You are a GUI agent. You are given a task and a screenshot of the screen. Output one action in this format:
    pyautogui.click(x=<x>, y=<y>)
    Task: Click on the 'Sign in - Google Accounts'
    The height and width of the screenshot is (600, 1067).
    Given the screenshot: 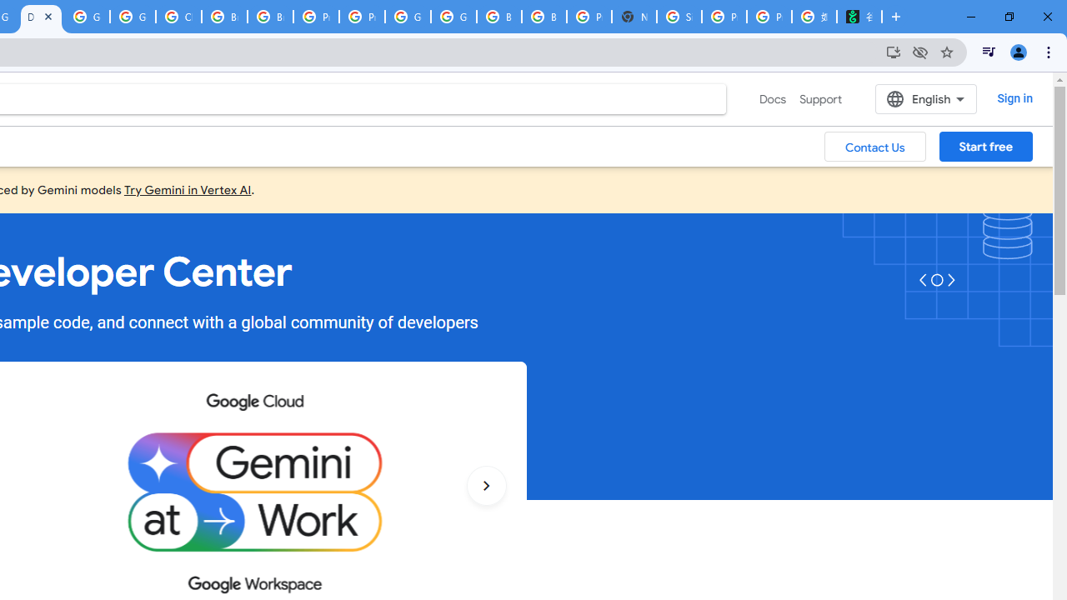 What is the action you would take?
    pyautogui.click(x=679, y=17)
    